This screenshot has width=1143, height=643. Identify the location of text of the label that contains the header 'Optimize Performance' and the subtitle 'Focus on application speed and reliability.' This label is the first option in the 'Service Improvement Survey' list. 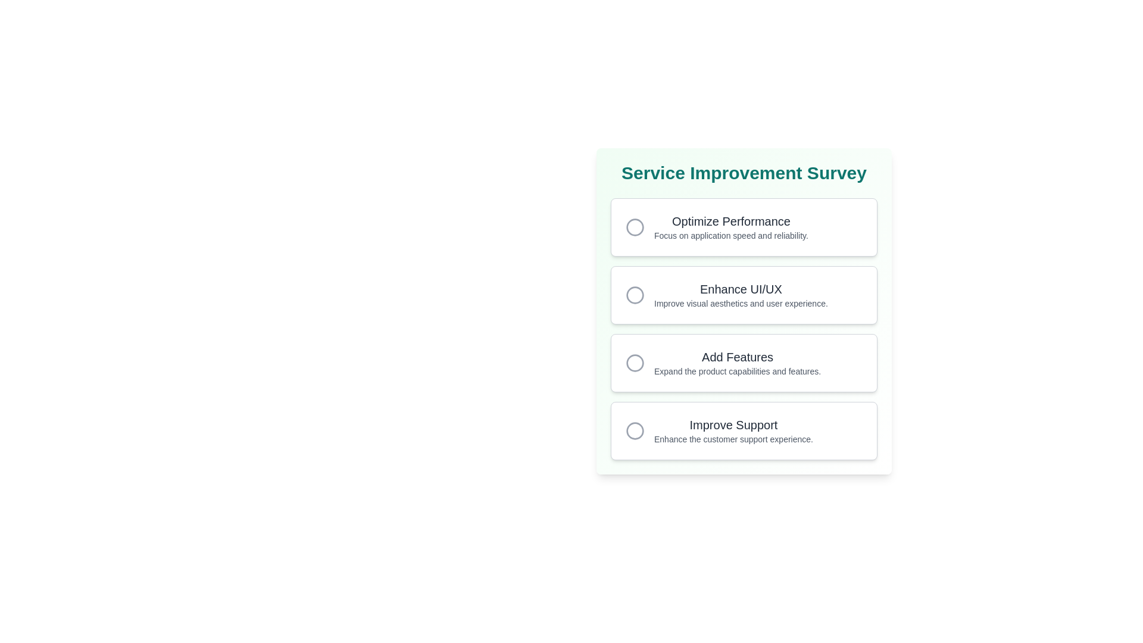
(730, 227).